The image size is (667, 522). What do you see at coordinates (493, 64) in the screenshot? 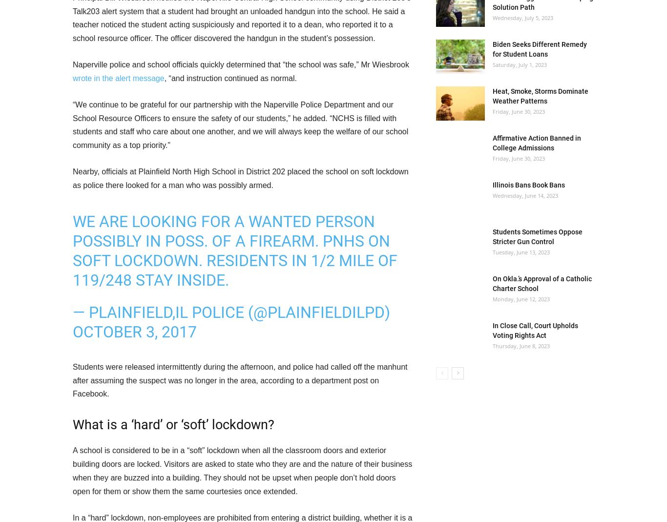
I see `'Saturday, July 1, 2023'` at bounding box center [493, 64].